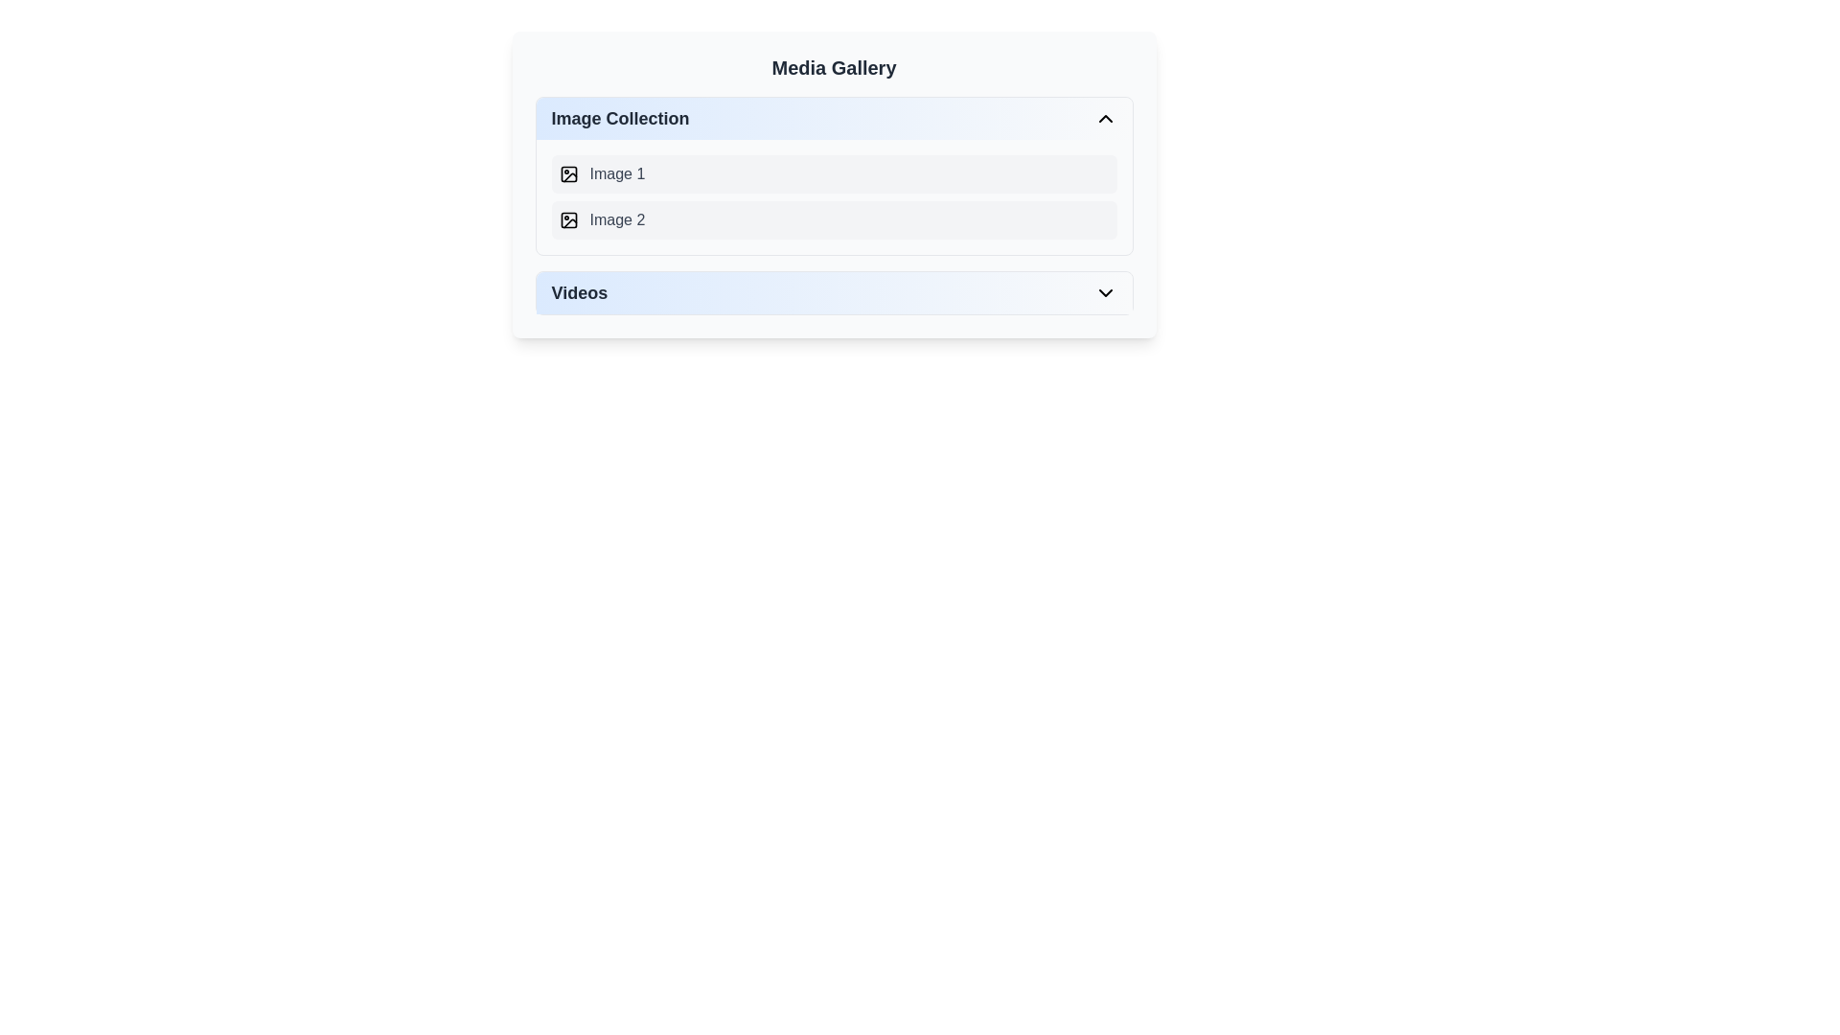 The image size is (1840, 1035). Describe the element at coordinates (578, 292) in the screenshot. I see `the 'Videos' text label, which is styled in bold dark gray and located in the Media Gallery section, to the left of a downward chevron icon` at that location.